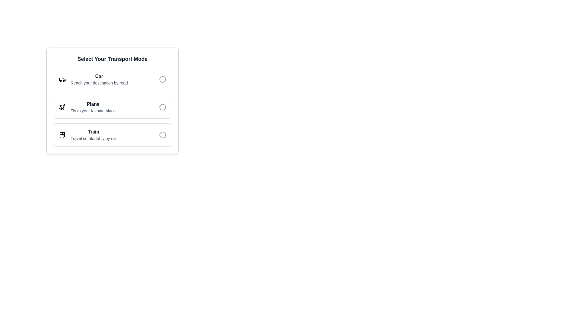 This screenshot has height=319, width=567. What do you see at coordinates (99, 76) in the screenshot?
I see `the text label for the transportation option 'Car', which serves as an identifier for this mode of travel in the vertical list of transportation modes` at bounding box center [99, 76].